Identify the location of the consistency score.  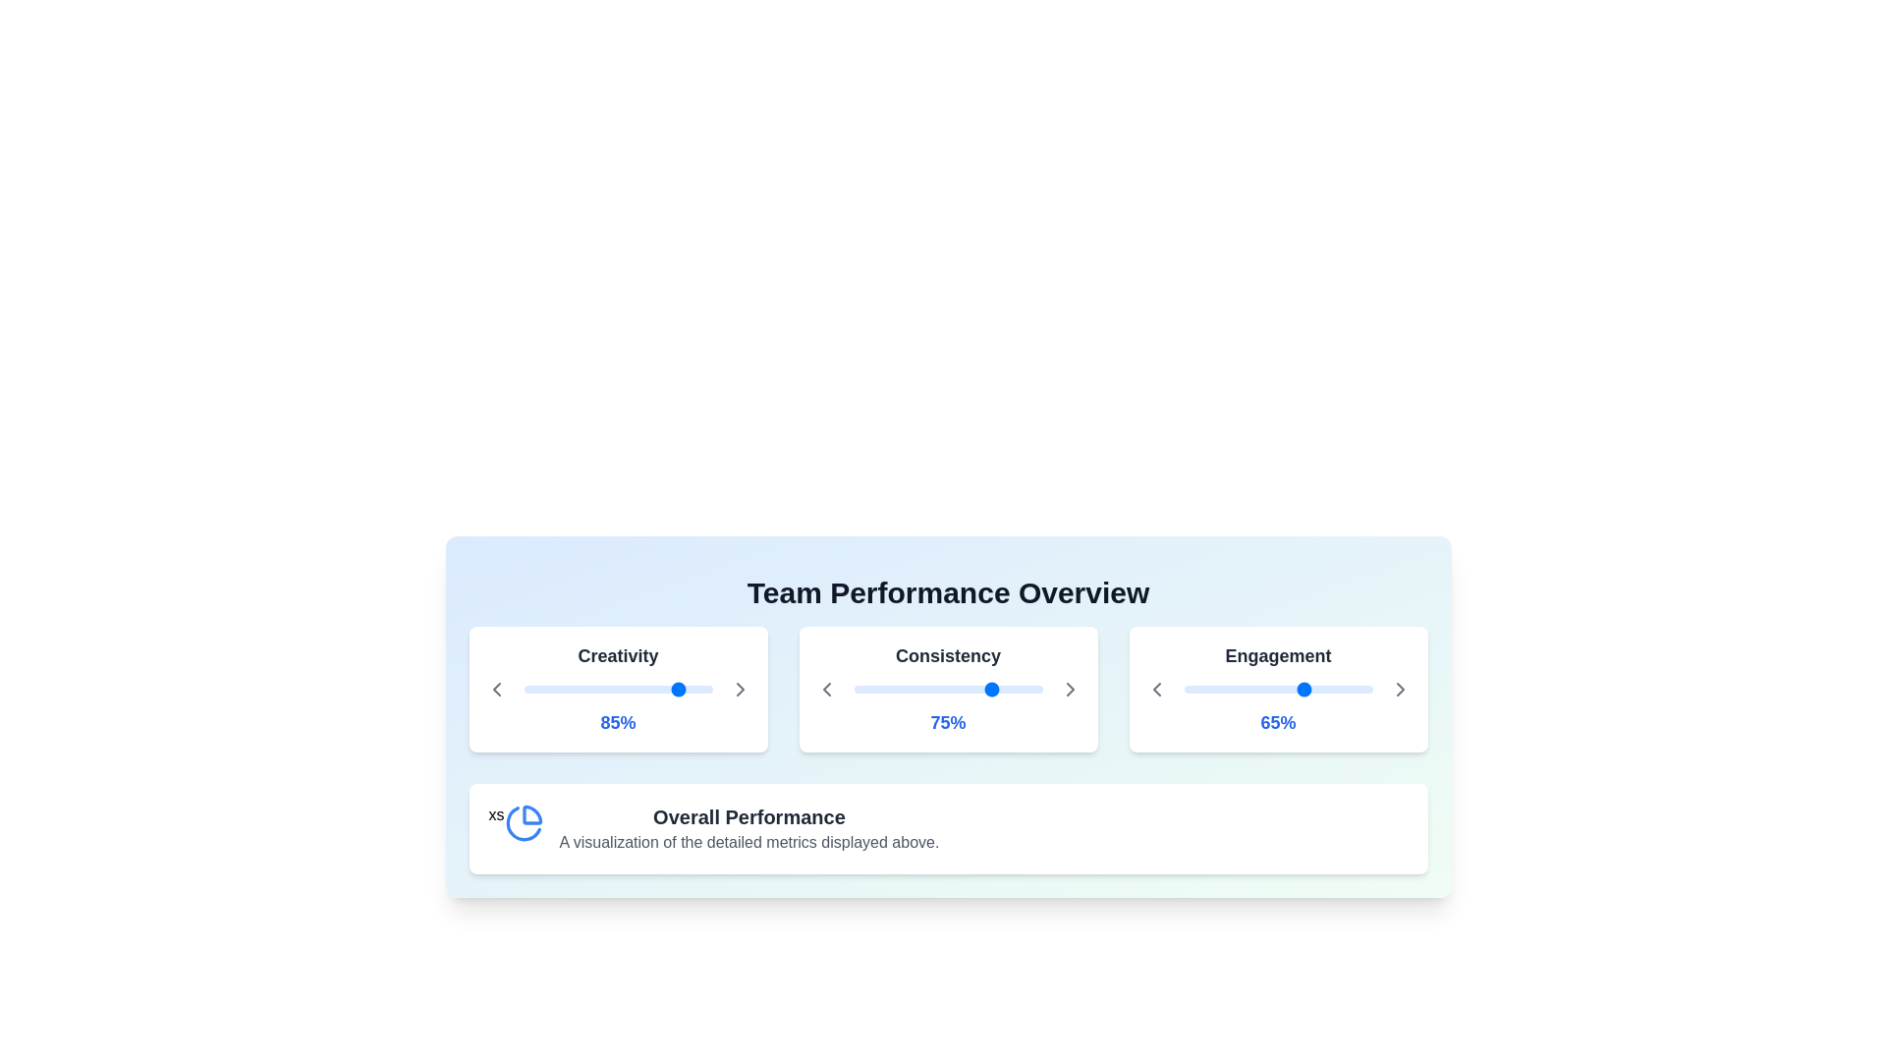
(978, 689).